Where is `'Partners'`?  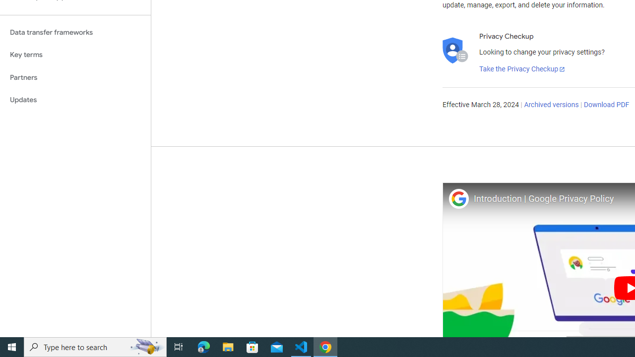
'Partners' is located at coordinates (75, 77).